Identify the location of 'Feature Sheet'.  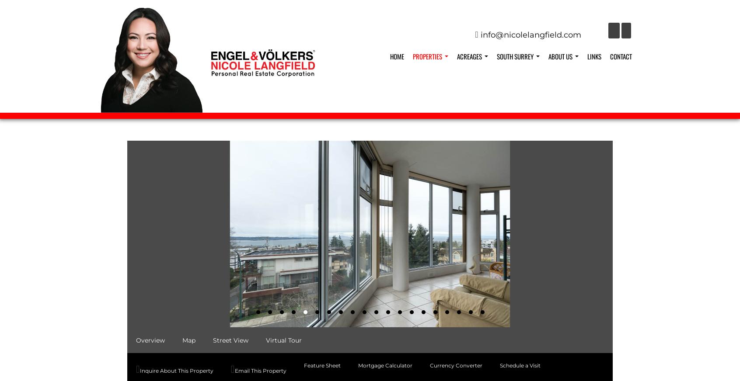
(321, 365).